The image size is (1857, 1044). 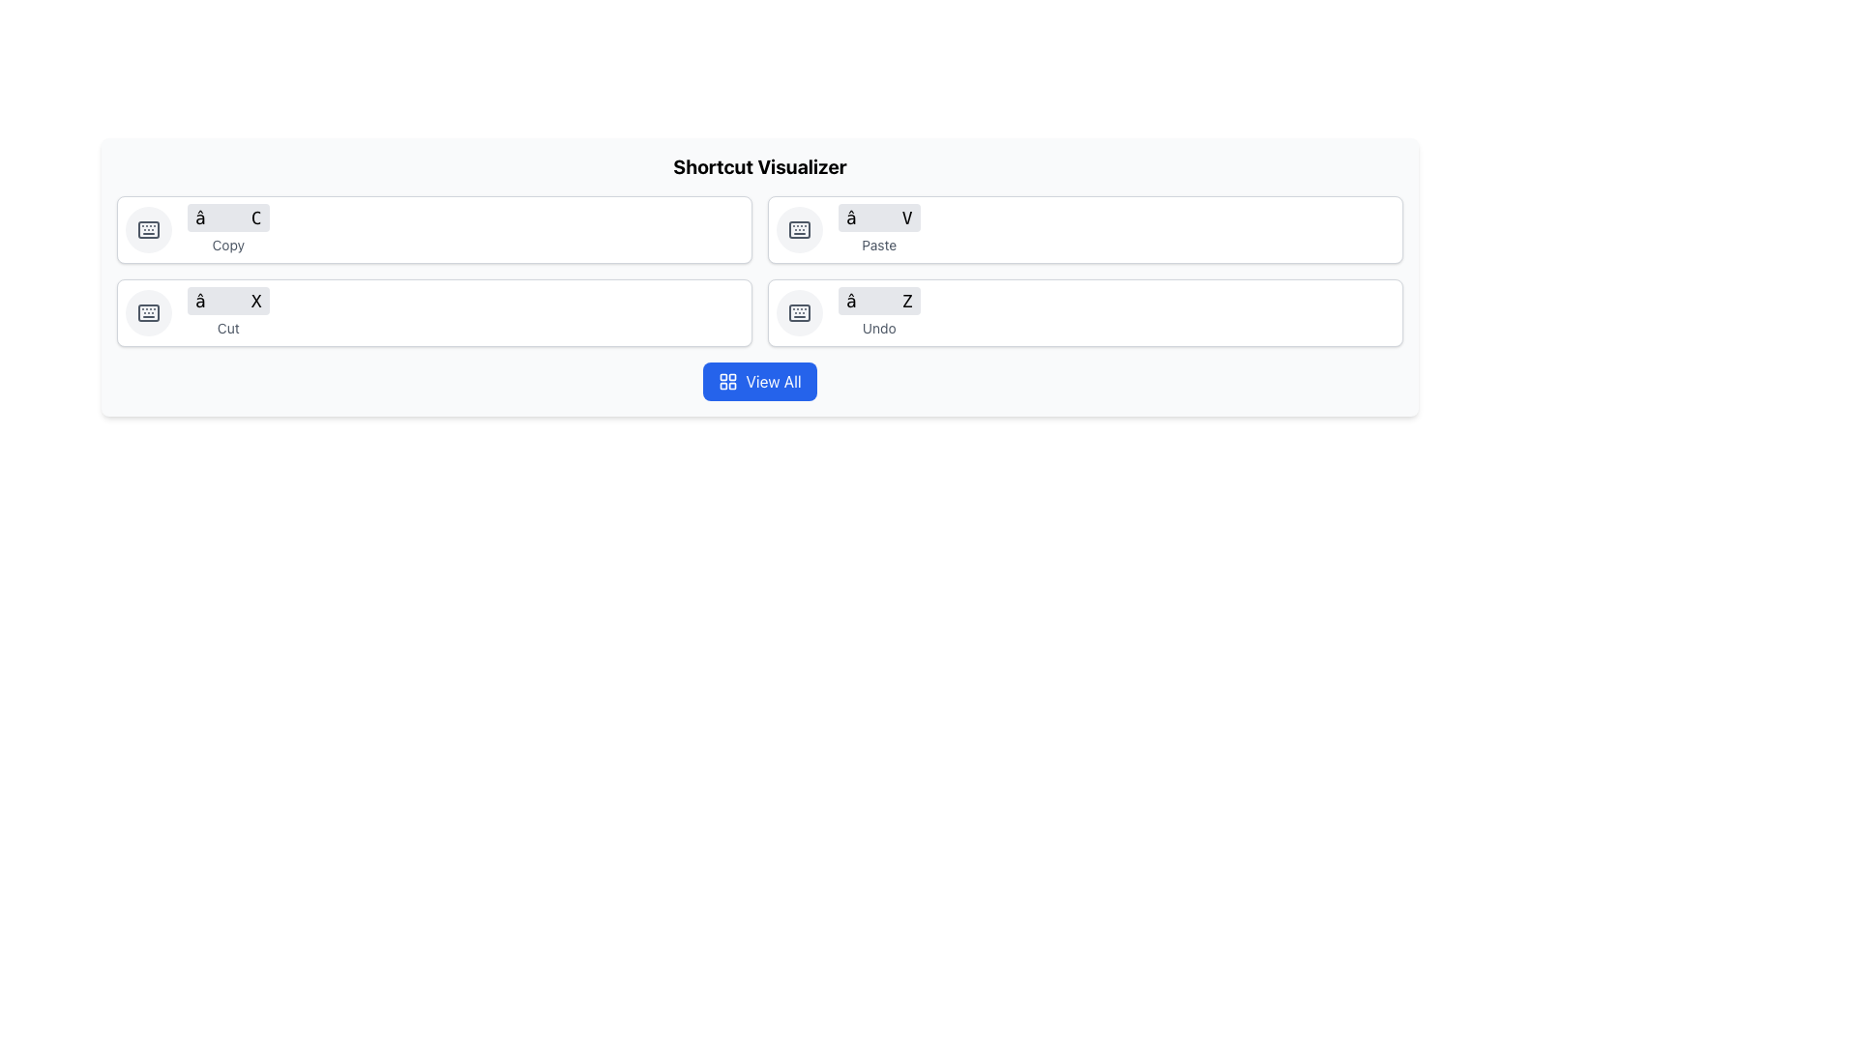 What do you see at coordinates (799, 312) in the screenshot?
I see `the Icon button representing the '⌘ Z Undo' keyboard shortcut located in the Shortcut Visualizer section` at bounding box center [799, 312].